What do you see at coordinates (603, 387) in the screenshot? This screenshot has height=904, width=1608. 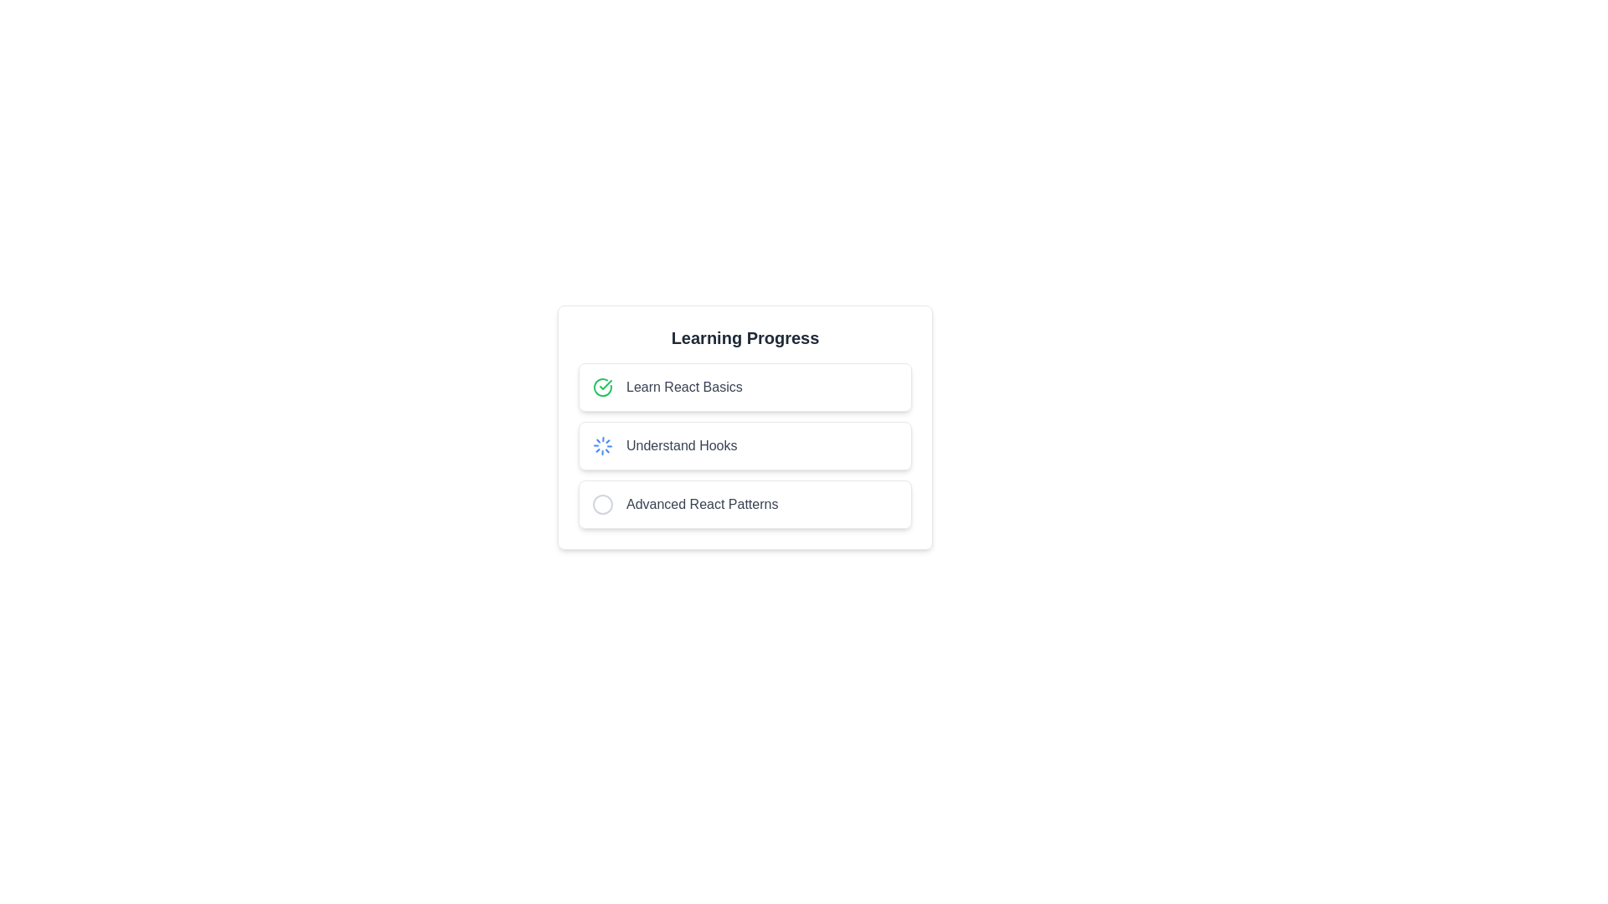 I see `the decorative checkmark icon indicating the completion of the 'Learn React Basics' item in the 'Learning Progress' section` at bounding box center [603, 387].